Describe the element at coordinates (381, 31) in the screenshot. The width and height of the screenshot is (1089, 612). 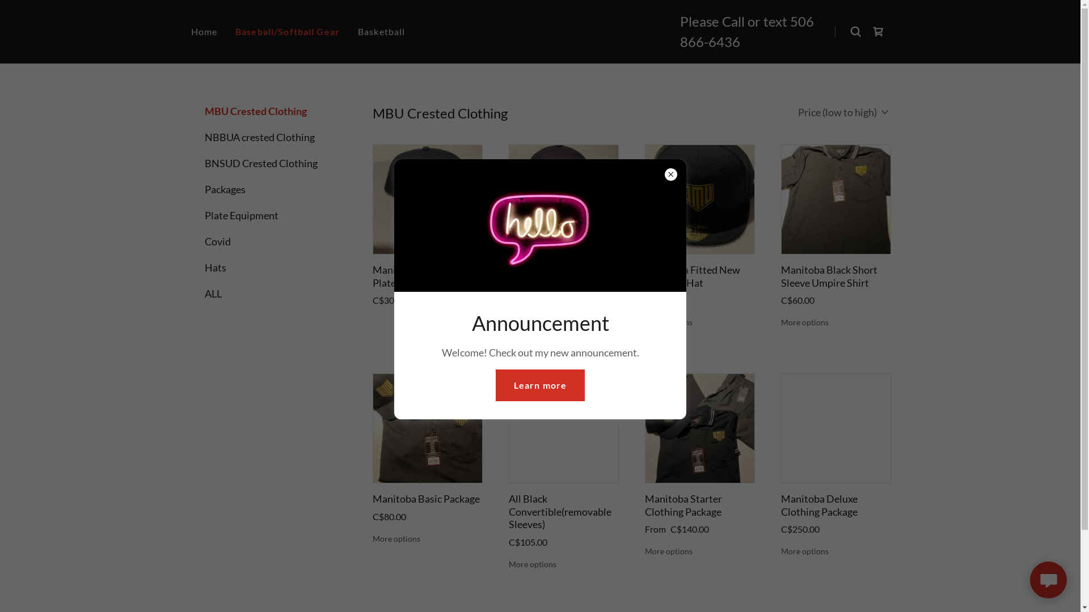
I see `'Basketball'` at that location.